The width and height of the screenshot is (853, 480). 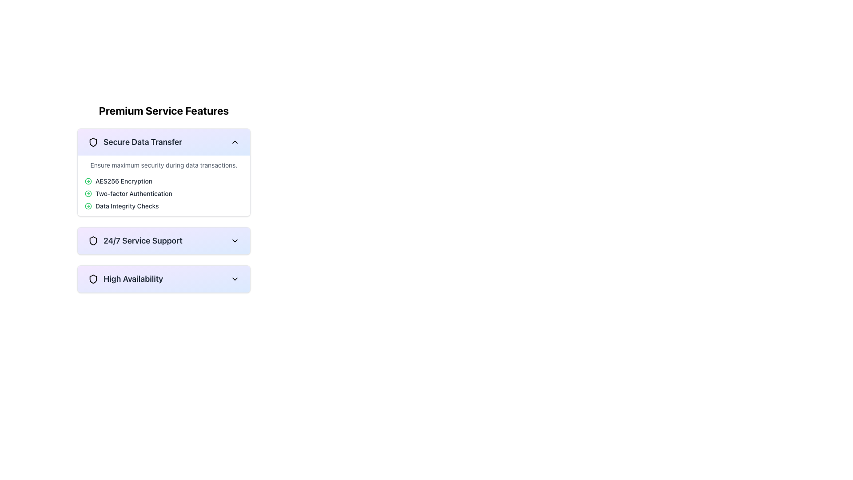 What do you see at coordinates (143, 241) in the screenshot?
I see `the text label indicating '24/7 Service Support', which is centrally located in the second section and positioned to the right of a shield icon` at bounding box center [143, 241].